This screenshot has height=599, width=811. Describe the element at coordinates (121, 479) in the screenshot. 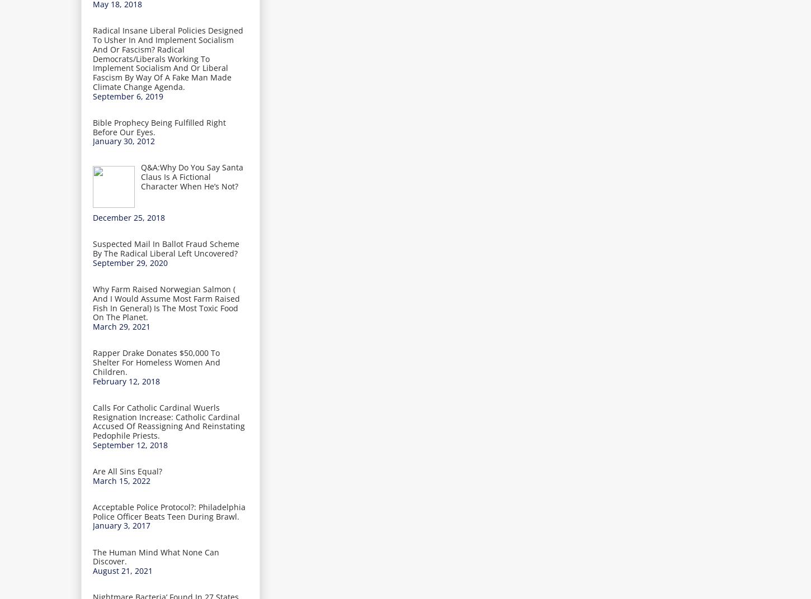

I see `'March 15, 2022'` at that location.